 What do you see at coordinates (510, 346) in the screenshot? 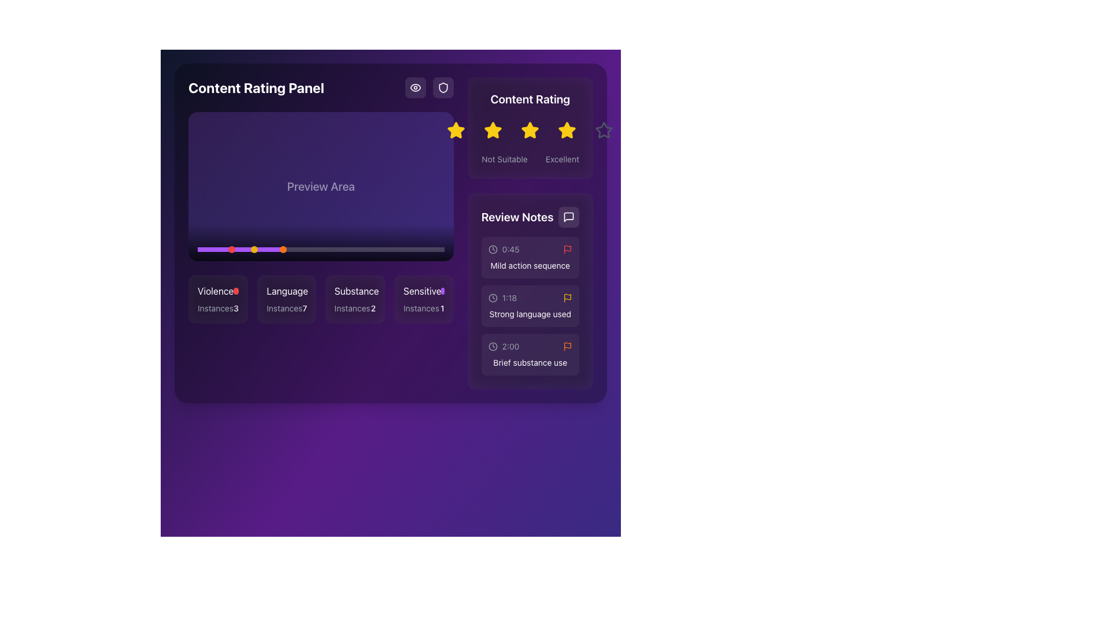
I see `the static text label displaying '2:00' in the 'Review Notes' section, which is styled in light gray and located next to the clock icon` at bounding box center [510, 346].